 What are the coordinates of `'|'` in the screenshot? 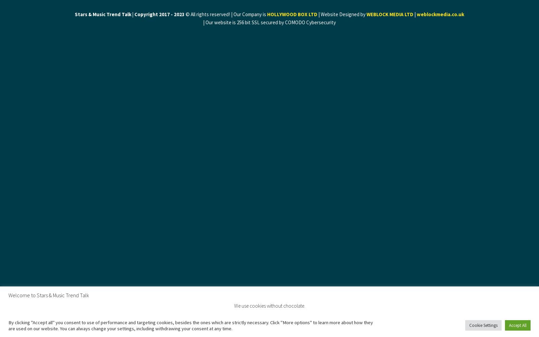 It's located at (414, 14).